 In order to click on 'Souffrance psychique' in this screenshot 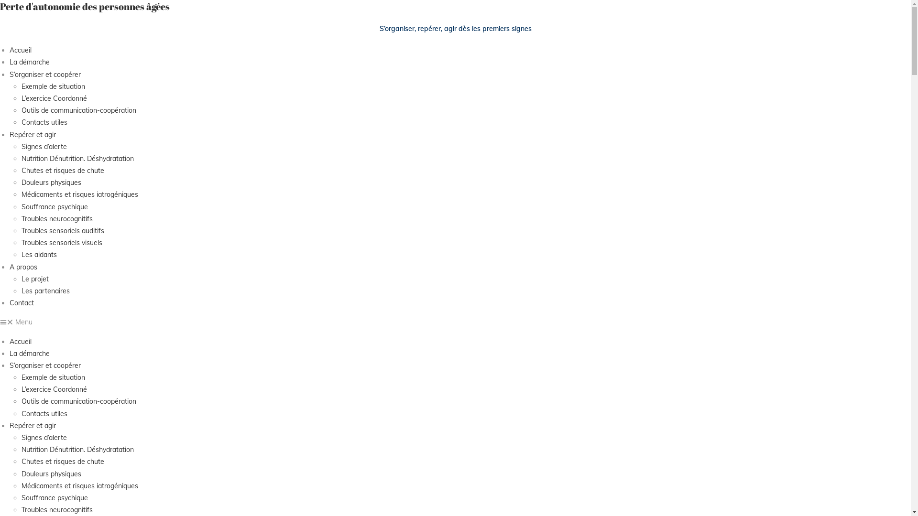, I will do `click(54, 206)`.